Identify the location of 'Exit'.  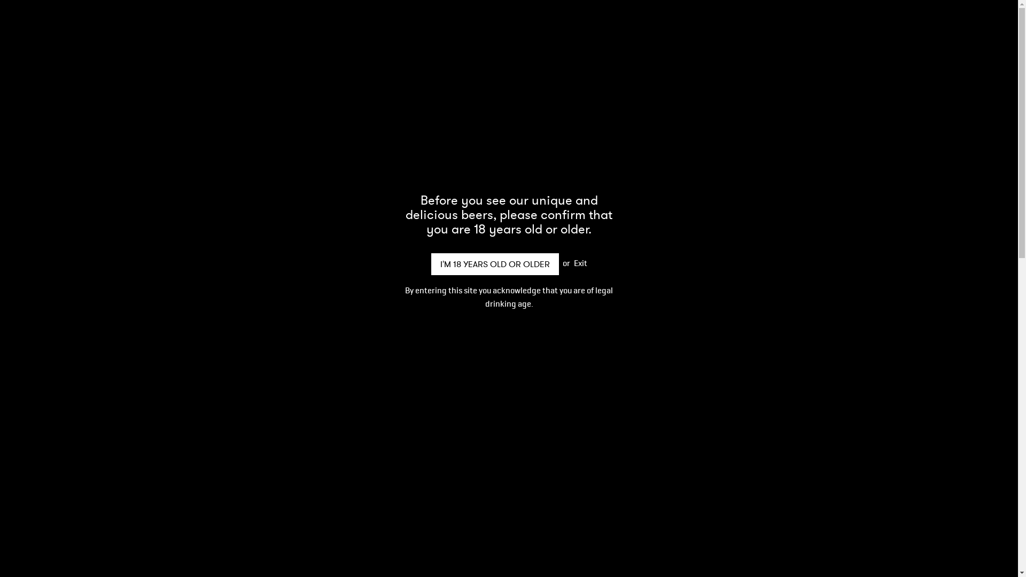
(580, 263).